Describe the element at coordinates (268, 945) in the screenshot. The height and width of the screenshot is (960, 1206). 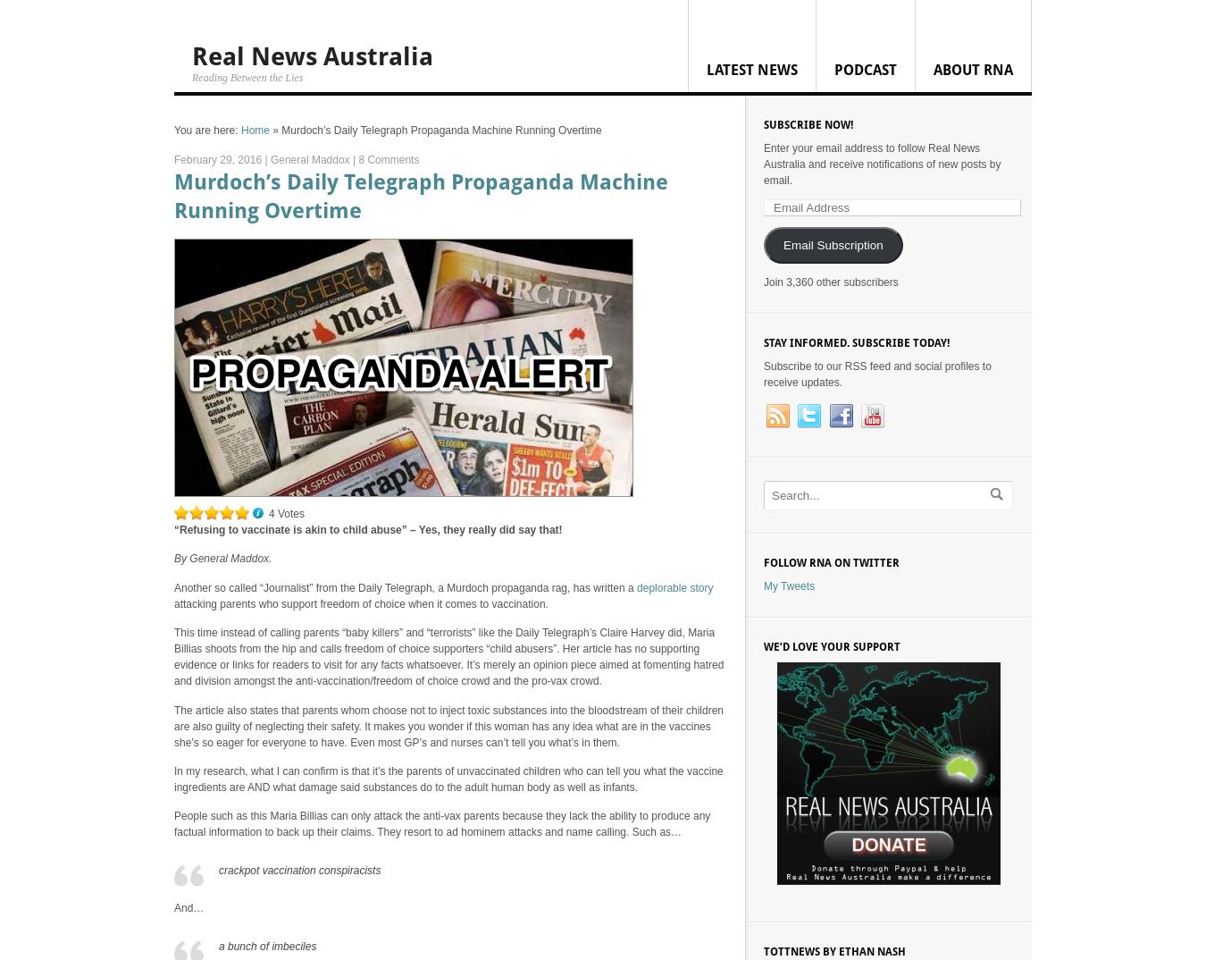
I see `'a bunch of imbeciles'` at that location.